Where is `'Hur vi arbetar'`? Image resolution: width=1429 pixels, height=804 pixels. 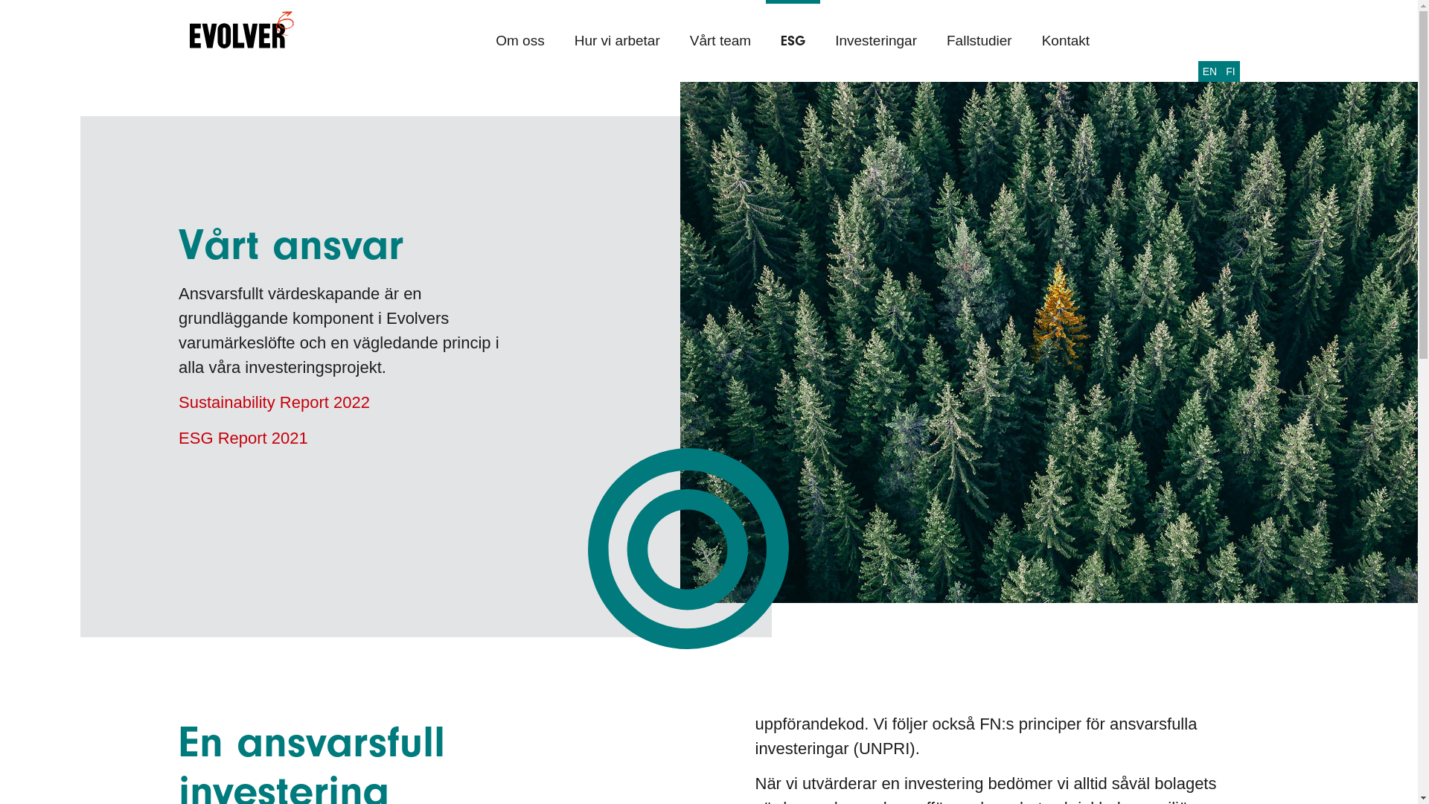
'Hur vi arbetar' is located at coordinates (617, 39).